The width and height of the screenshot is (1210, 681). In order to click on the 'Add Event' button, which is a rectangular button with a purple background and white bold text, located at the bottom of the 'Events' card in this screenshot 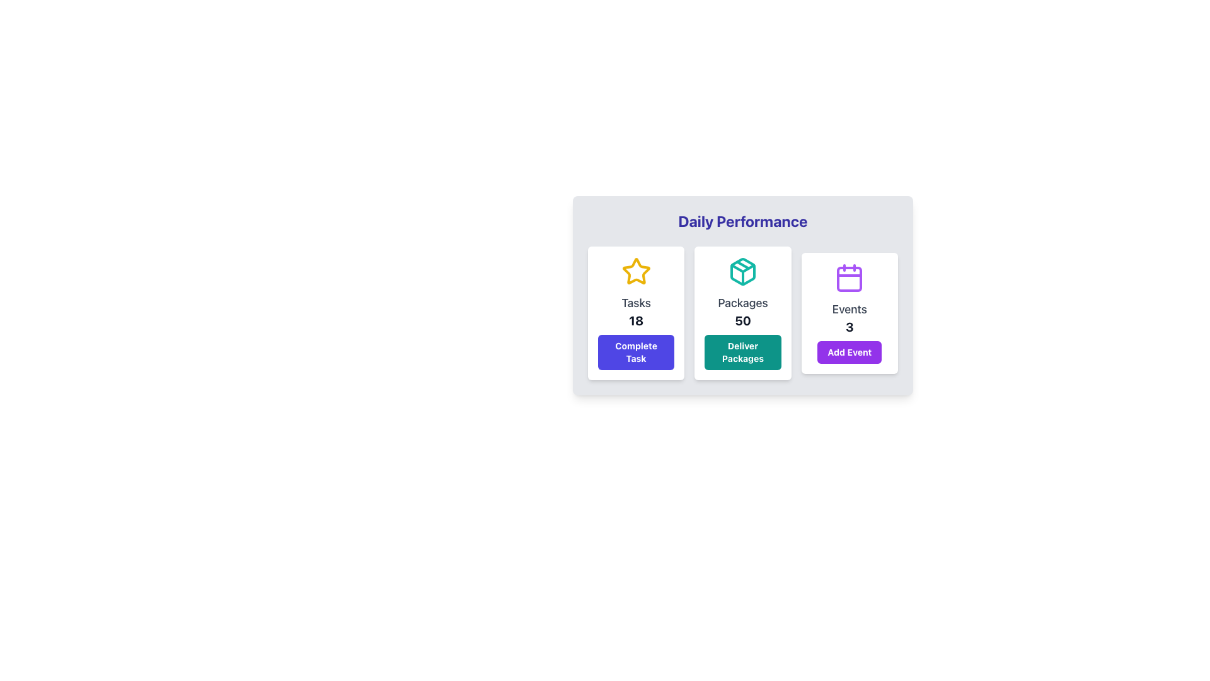, I will do `click(850, 352)`.